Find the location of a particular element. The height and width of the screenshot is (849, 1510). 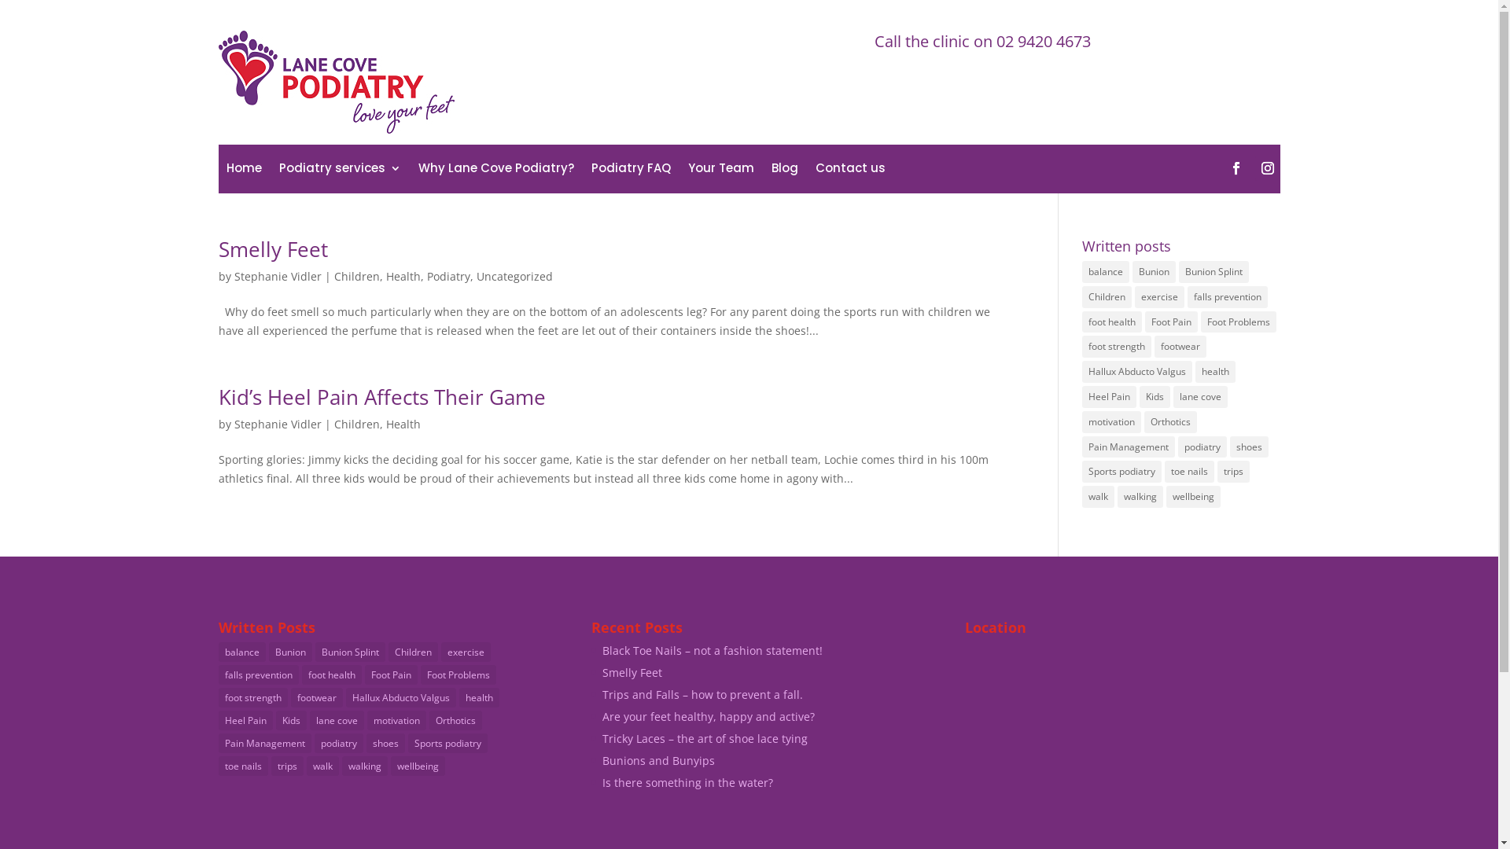

'Pain Management' is located at coordinates (218, 743).